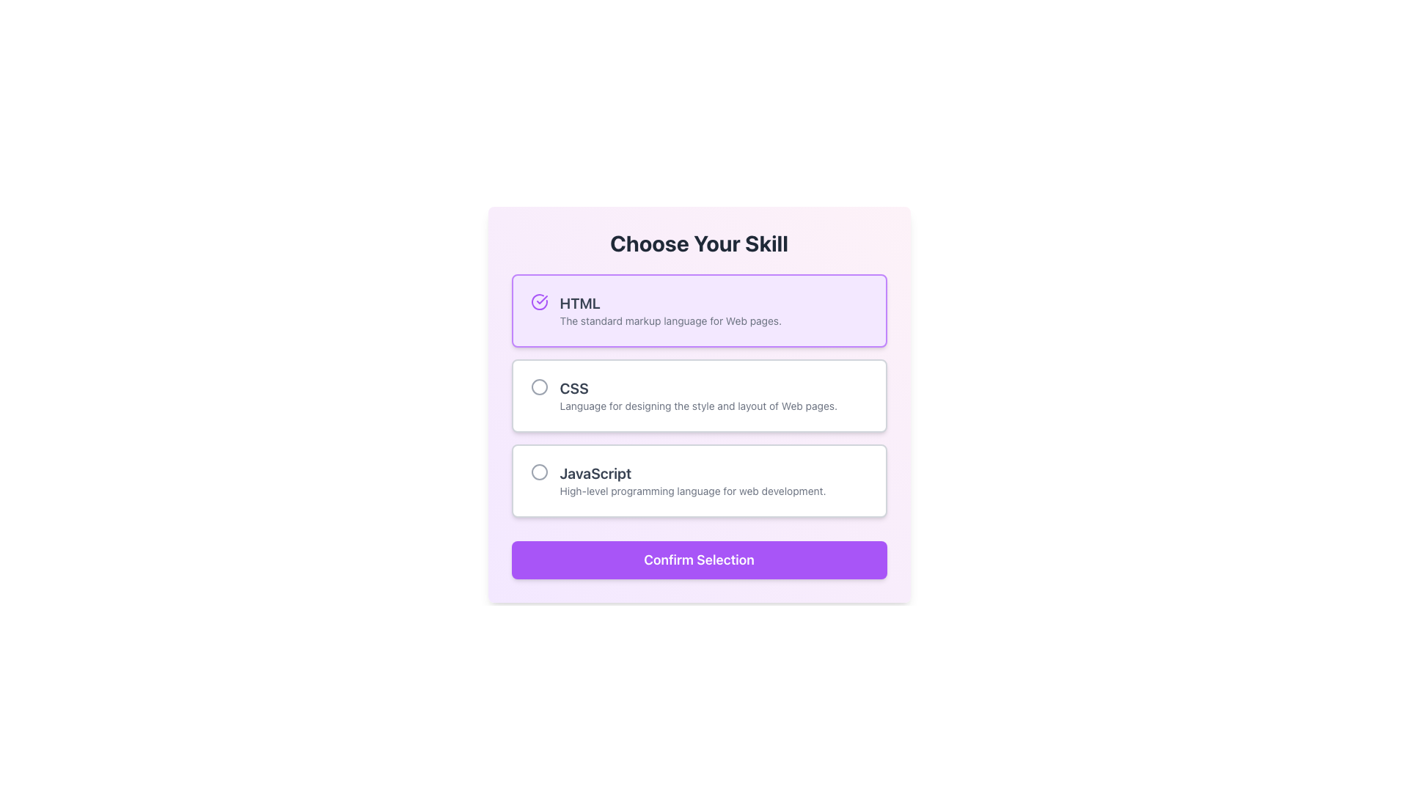 This screenshot has width=1408, height=792. I want to click on textual description within the 'JavaScript' selectable card, which is the third card in a vertical list of programming-related skills, so click(692, 480).